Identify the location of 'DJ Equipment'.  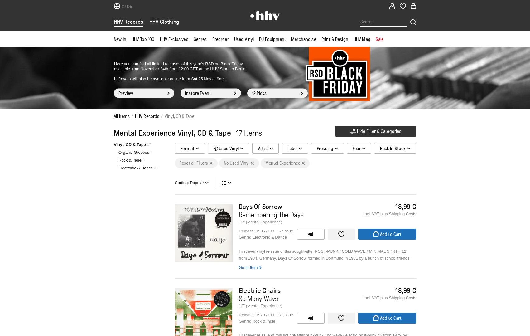
(272, 39).